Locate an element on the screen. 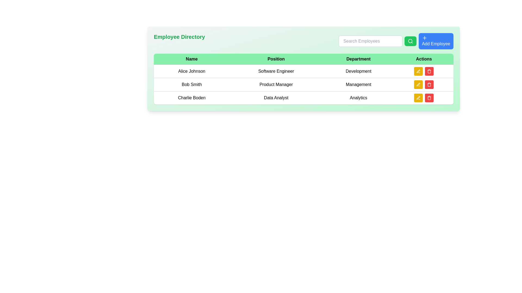 This screenshot has width=522, height=293. the static text label displaying the name of an individual located in the first cell of the third row under the 'Name' column is located at coordinates (192, 98).